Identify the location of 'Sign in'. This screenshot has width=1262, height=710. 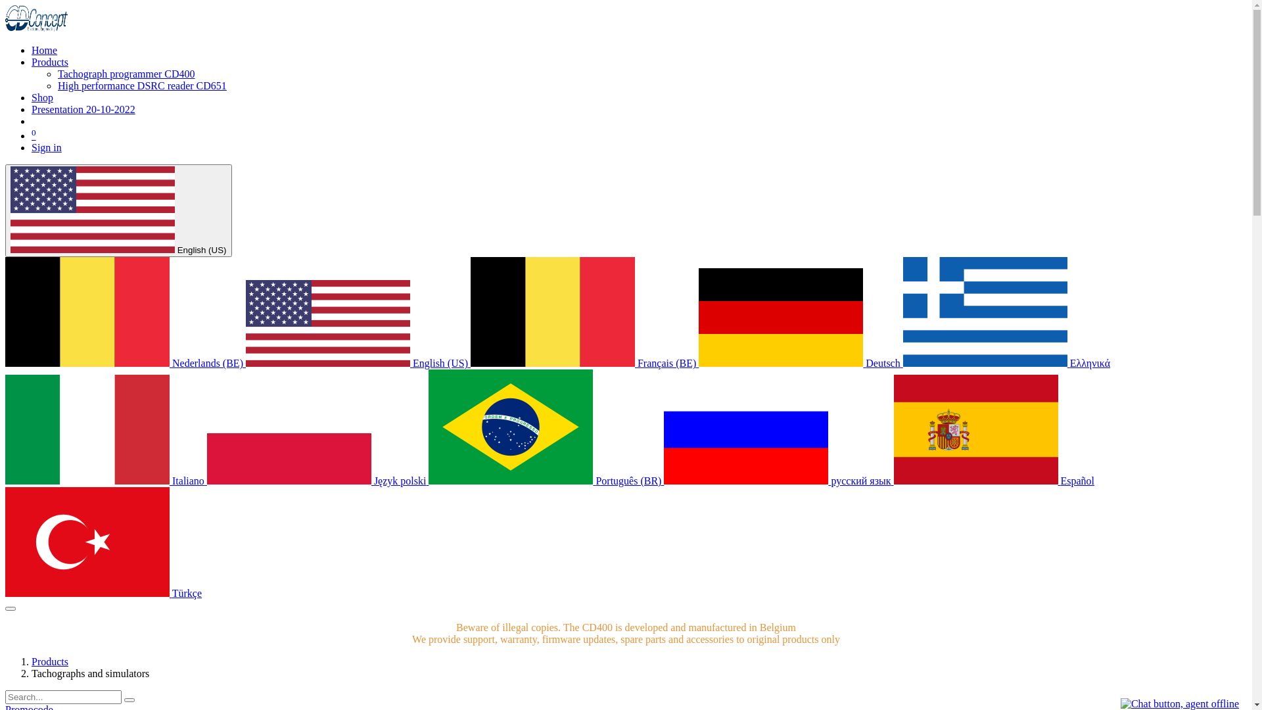
(32, 147).